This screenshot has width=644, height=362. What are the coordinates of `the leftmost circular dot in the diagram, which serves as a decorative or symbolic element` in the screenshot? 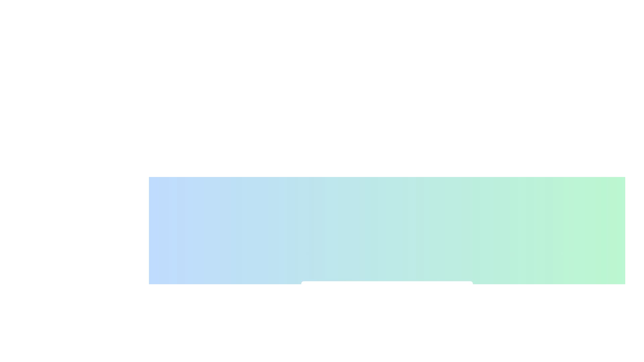 It's located at (452, 295).